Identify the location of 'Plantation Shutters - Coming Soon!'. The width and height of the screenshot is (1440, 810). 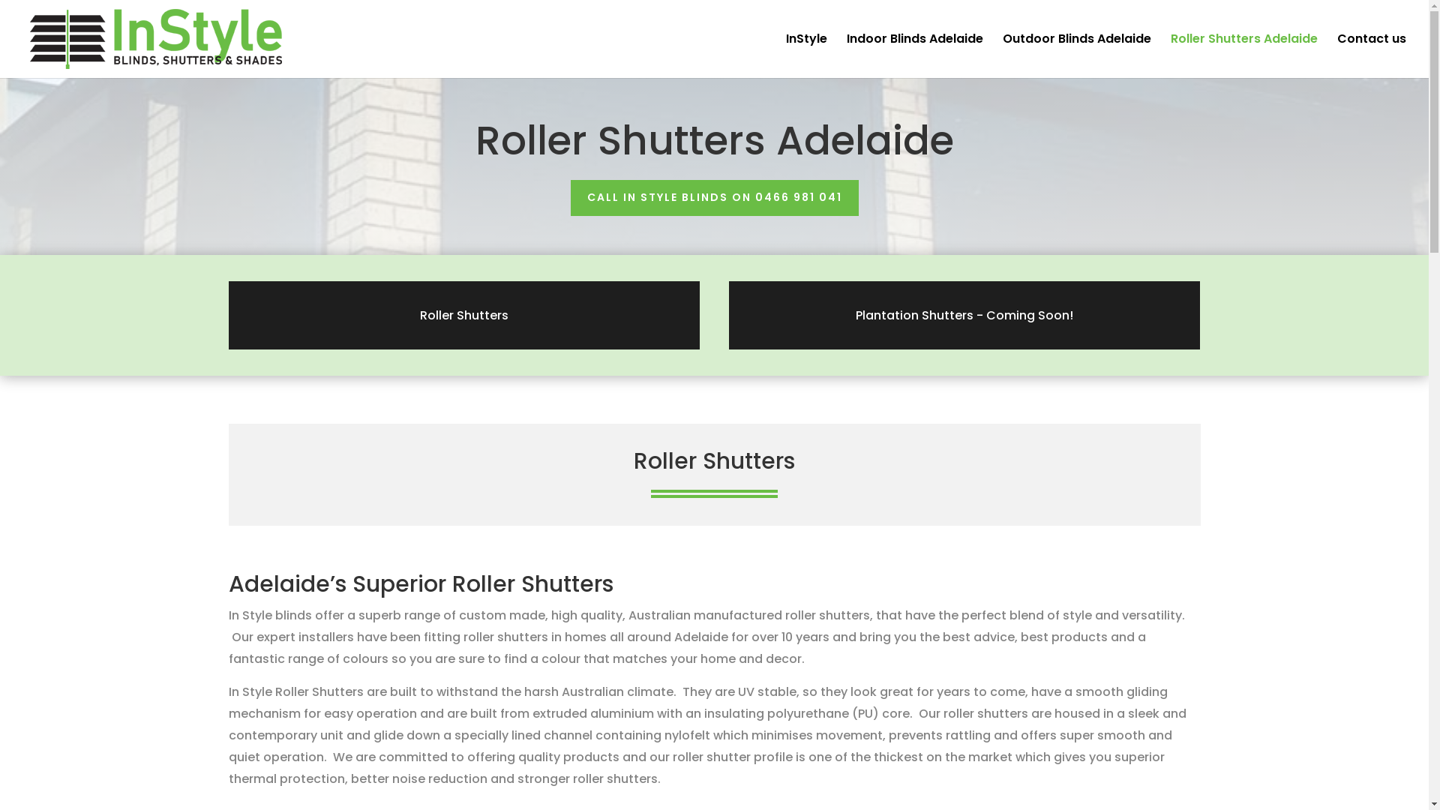
(846, 314).